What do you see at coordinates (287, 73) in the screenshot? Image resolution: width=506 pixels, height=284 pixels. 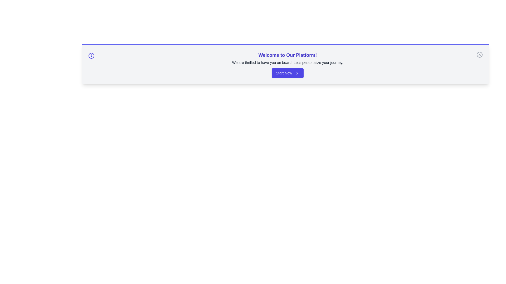 I see `the 'Start Now' button to proceed` at bounding box center [287, 73].